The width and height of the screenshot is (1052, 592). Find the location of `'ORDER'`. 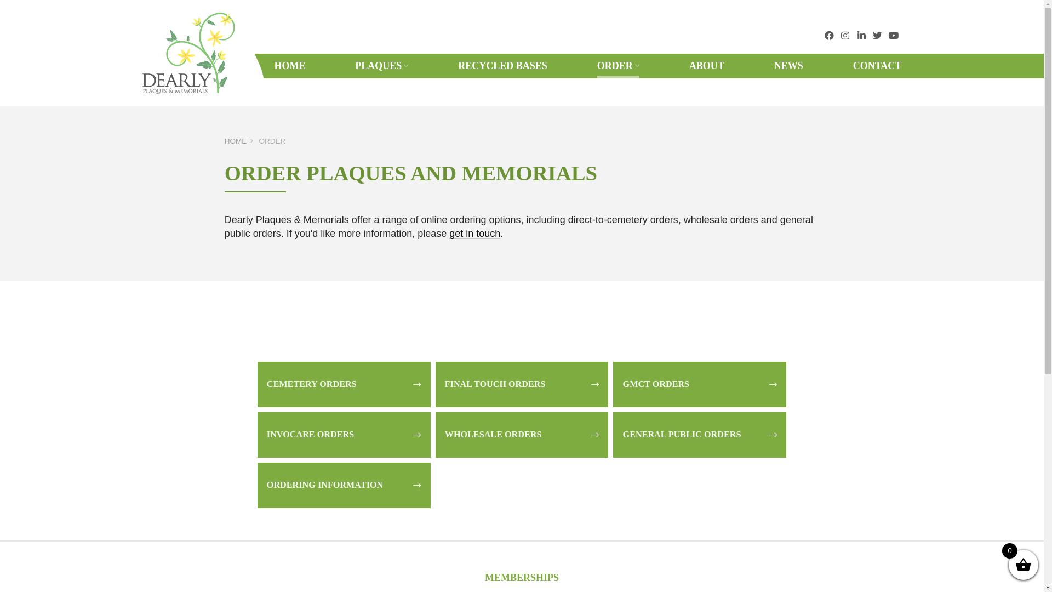

'ORDER' is located at coordinates (618, 66).